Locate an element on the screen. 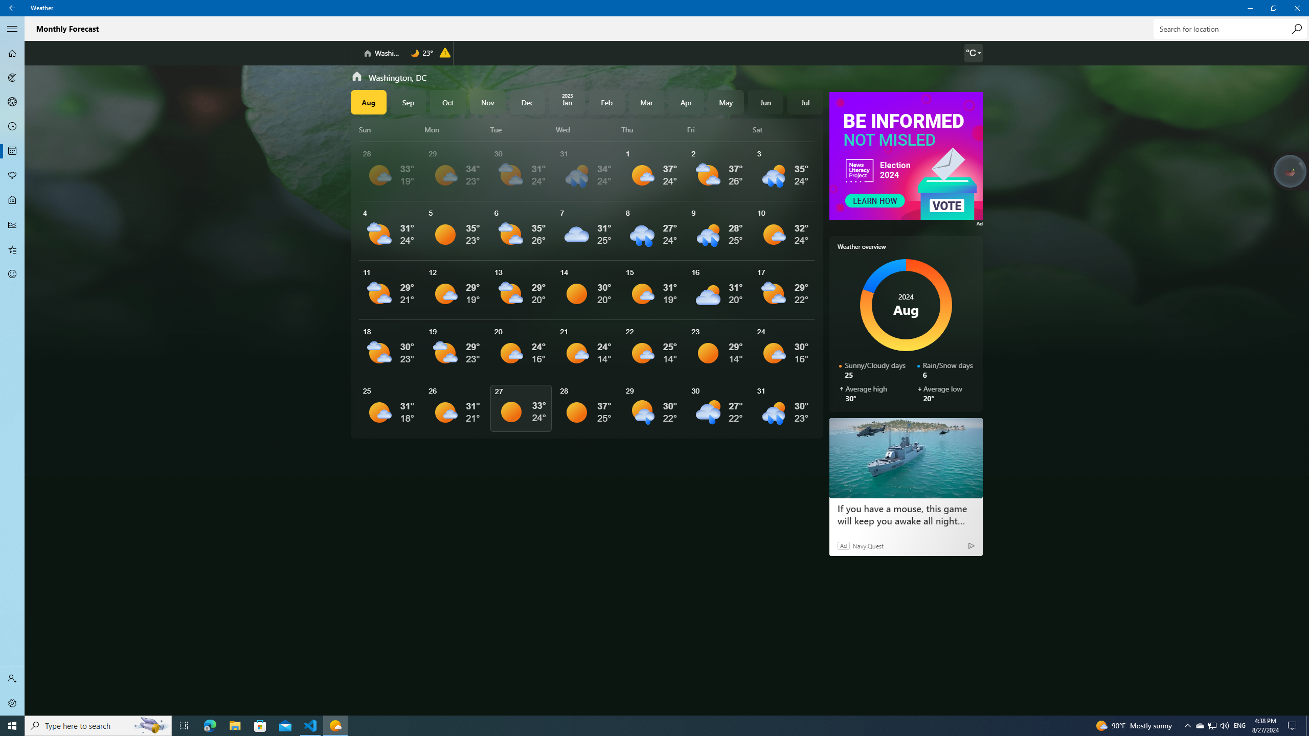 This screenshot has width=1309, height=736. 'Sign in' is located at coordinates (12, 679).